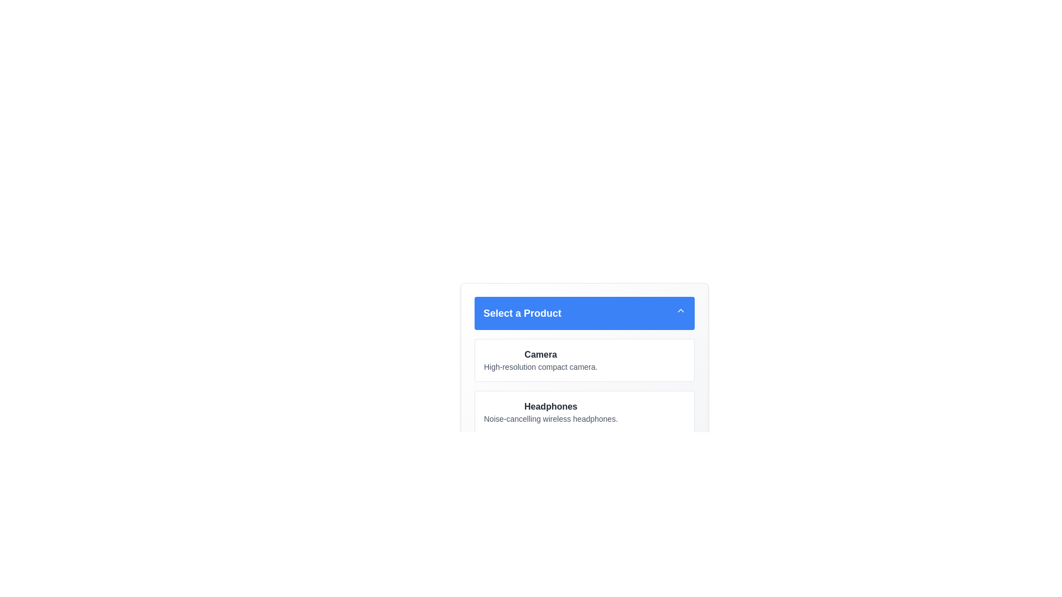 Image resolution: width=1062 pixels, height=597 pixels. Describe the element at coordinates (680, 311) in the screenshot. I see `the expand/collapse icon located at the top-right corner of the 'Select a Product' button` at that location.